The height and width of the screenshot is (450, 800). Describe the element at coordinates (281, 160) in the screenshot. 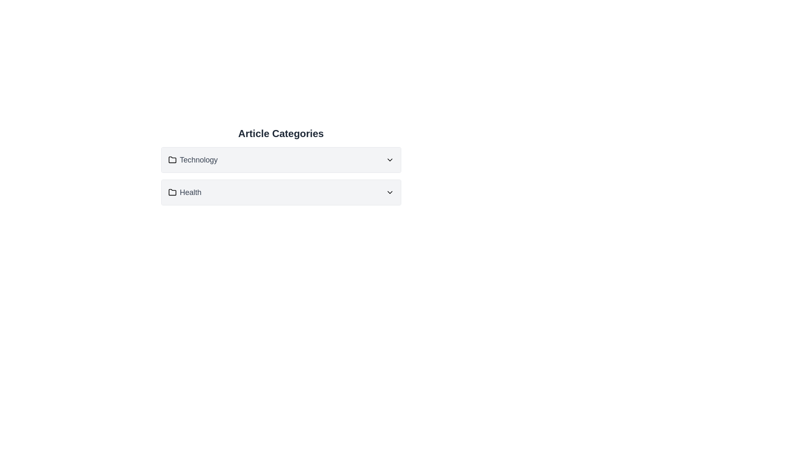

I see `the Category Selection Button labeled 'Technology'` at that location.